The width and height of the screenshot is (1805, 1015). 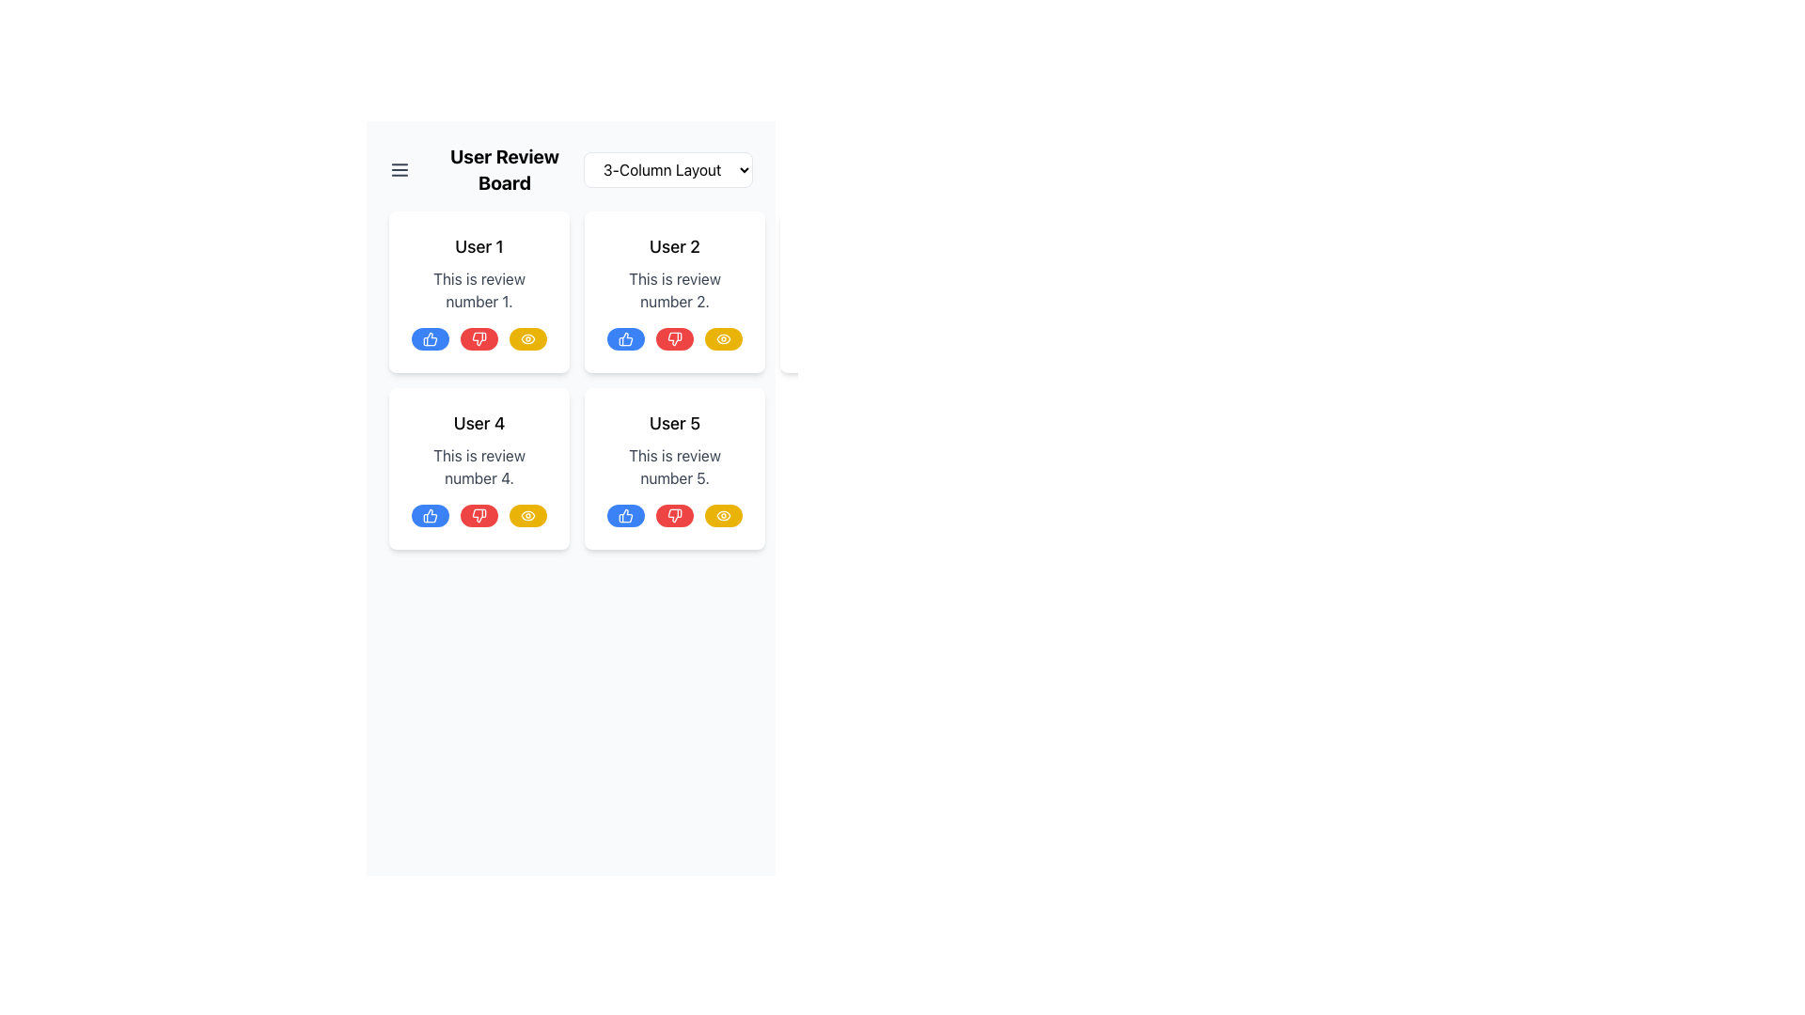 I want to click on the Text Label that identifies the content as being associated with 'User 1', located at the top of the content card in the first column and first row of the grid layout, so click(x=479, y=245).